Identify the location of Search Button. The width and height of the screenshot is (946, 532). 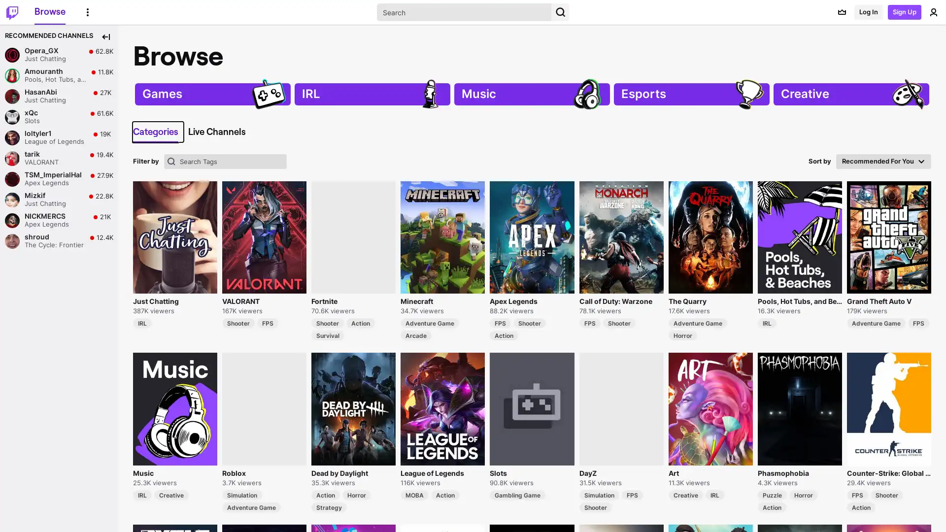
(560, 12).